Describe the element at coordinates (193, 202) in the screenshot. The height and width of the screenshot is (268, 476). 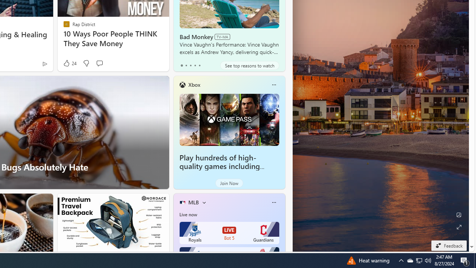
I see `'MLB'` at that location.